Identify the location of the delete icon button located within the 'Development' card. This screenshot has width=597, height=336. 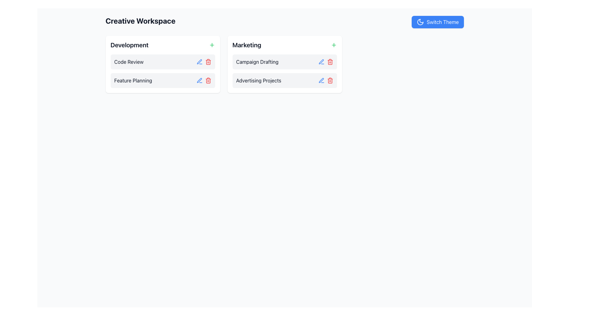
(208, 81).